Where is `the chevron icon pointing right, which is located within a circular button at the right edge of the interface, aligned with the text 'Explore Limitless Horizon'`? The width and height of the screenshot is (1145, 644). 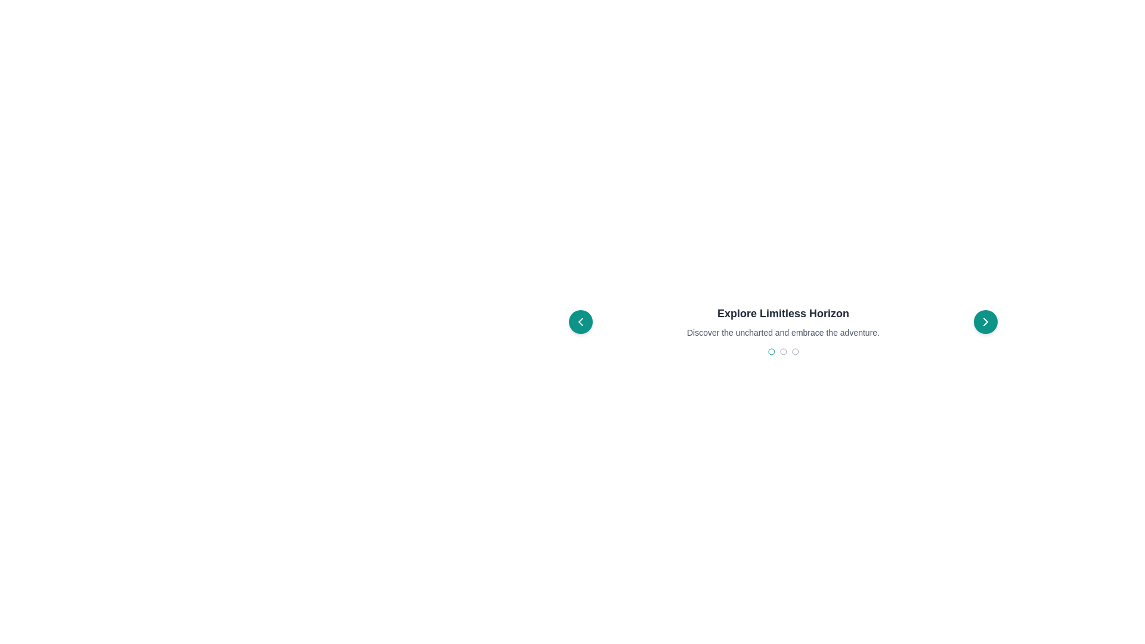 the chevron icon pointing right, which is located within a circular button at the right edge of the interface, aligned with the text 'Explore Limitless Horizon' is located at coordinates (986, 322).